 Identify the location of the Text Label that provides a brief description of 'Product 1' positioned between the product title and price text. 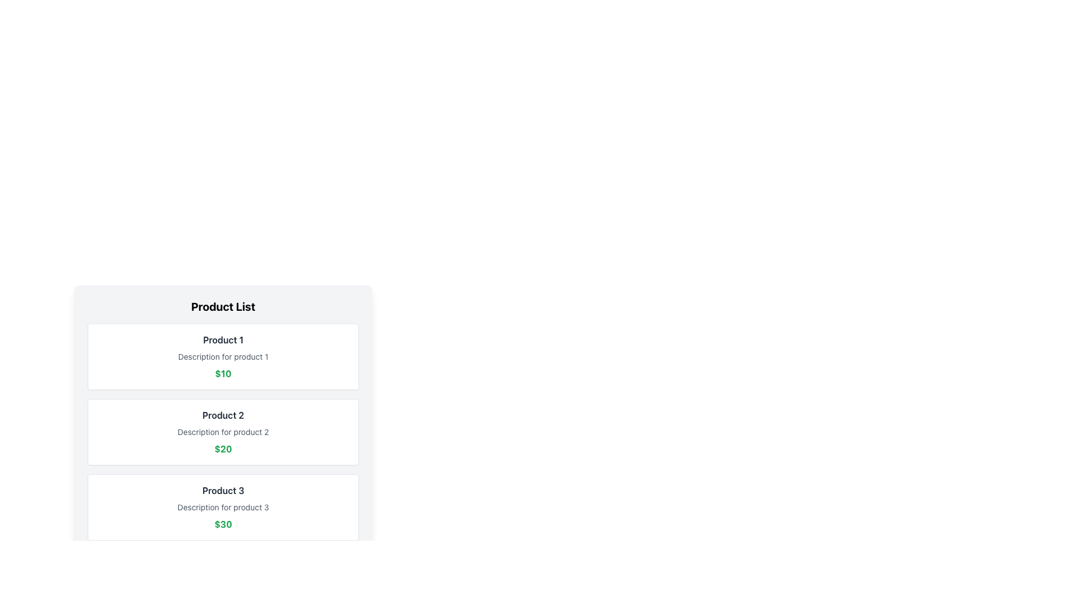
(223, 357).